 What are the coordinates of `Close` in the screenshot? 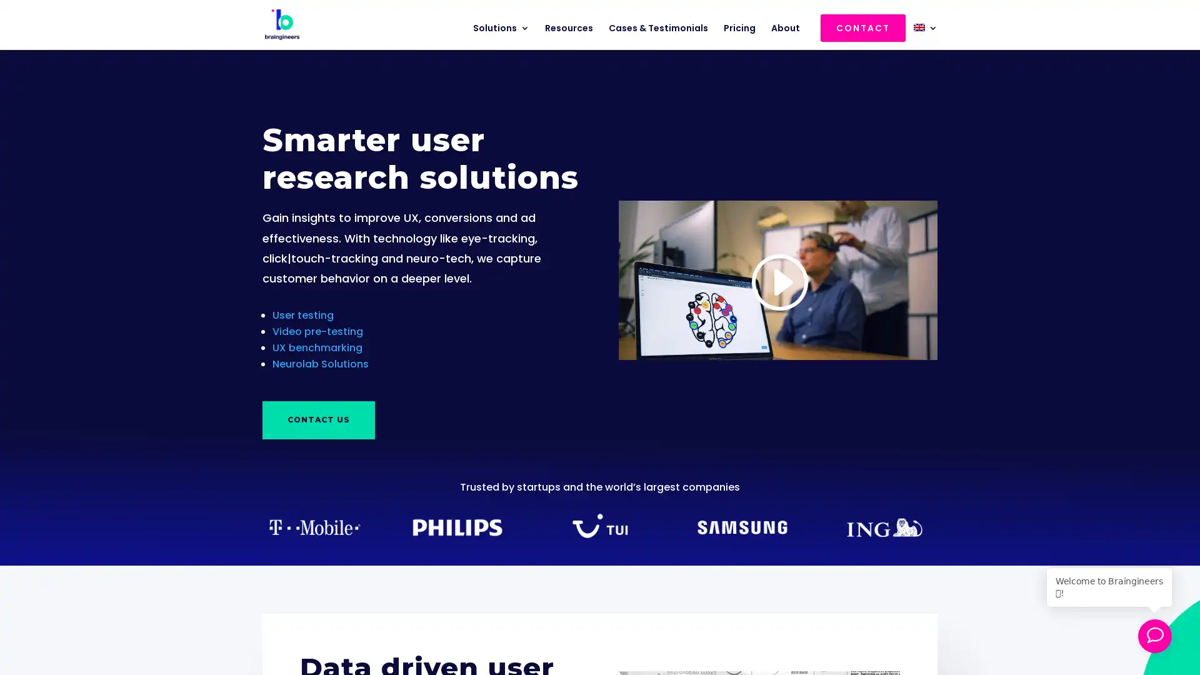 It's located at (227, 510).